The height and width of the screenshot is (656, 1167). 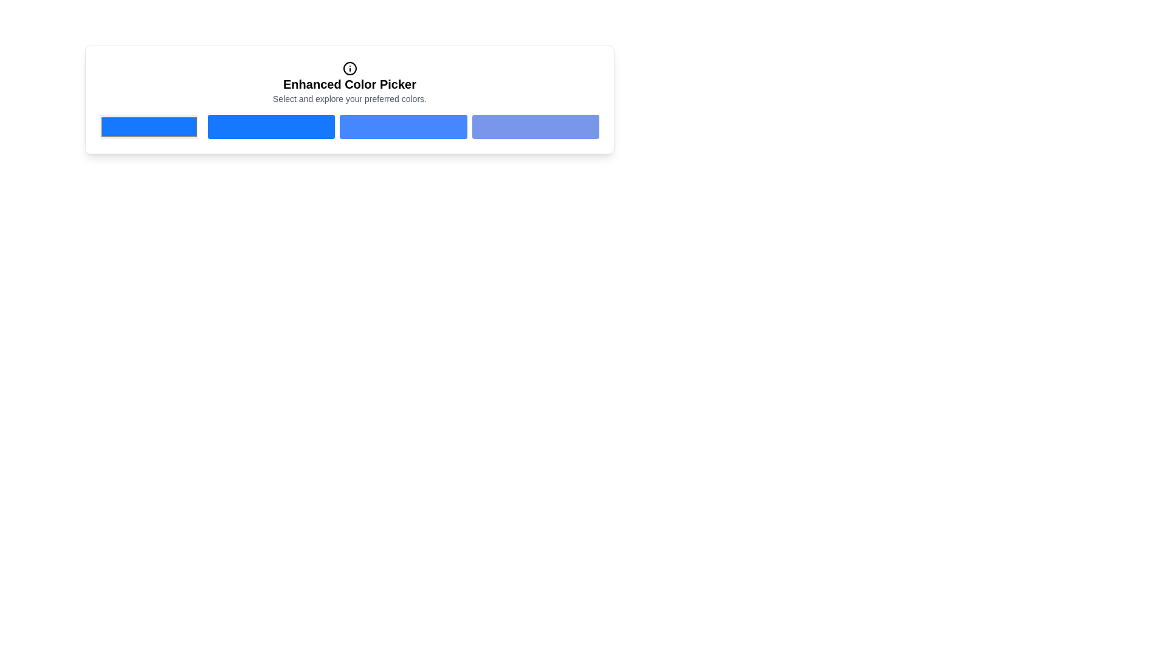 I want to click on the second rectangle in the horizontal grid layout that contains three equally spaced blue rectangles with rounded edges, so click(x=403, y=126).